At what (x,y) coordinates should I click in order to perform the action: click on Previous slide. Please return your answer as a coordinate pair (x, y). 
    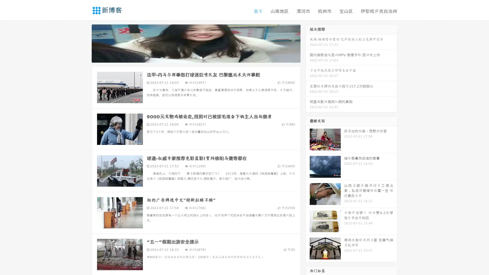
    Looking at the image, I should click on (84, 43).